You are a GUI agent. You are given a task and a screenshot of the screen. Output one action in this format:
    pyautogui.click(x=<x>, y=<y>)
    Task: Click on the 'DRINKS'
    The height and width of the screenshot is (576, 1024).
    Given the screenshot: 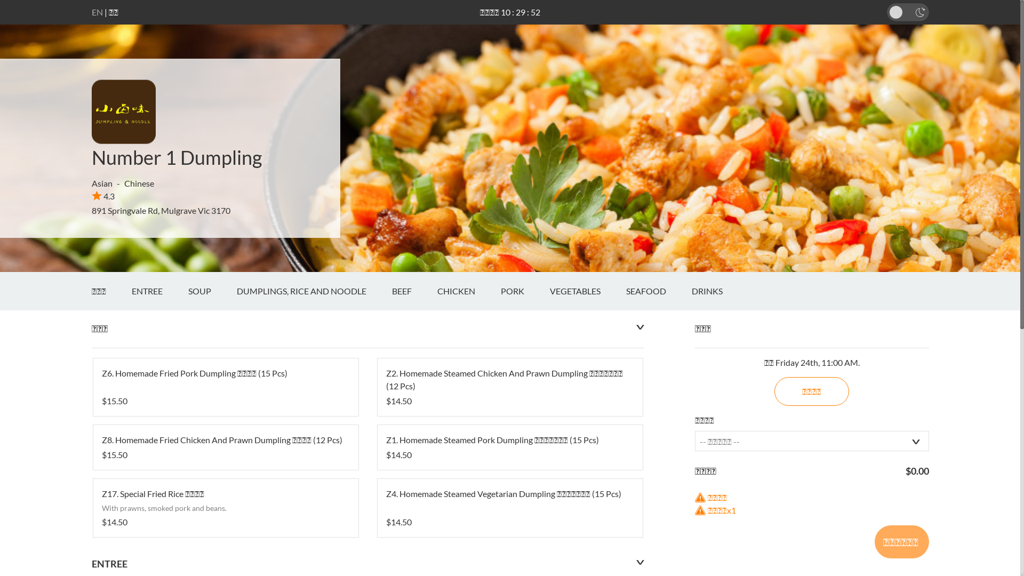 What is the action you would take?
    pyautogui.click(x=719, y=291)
    